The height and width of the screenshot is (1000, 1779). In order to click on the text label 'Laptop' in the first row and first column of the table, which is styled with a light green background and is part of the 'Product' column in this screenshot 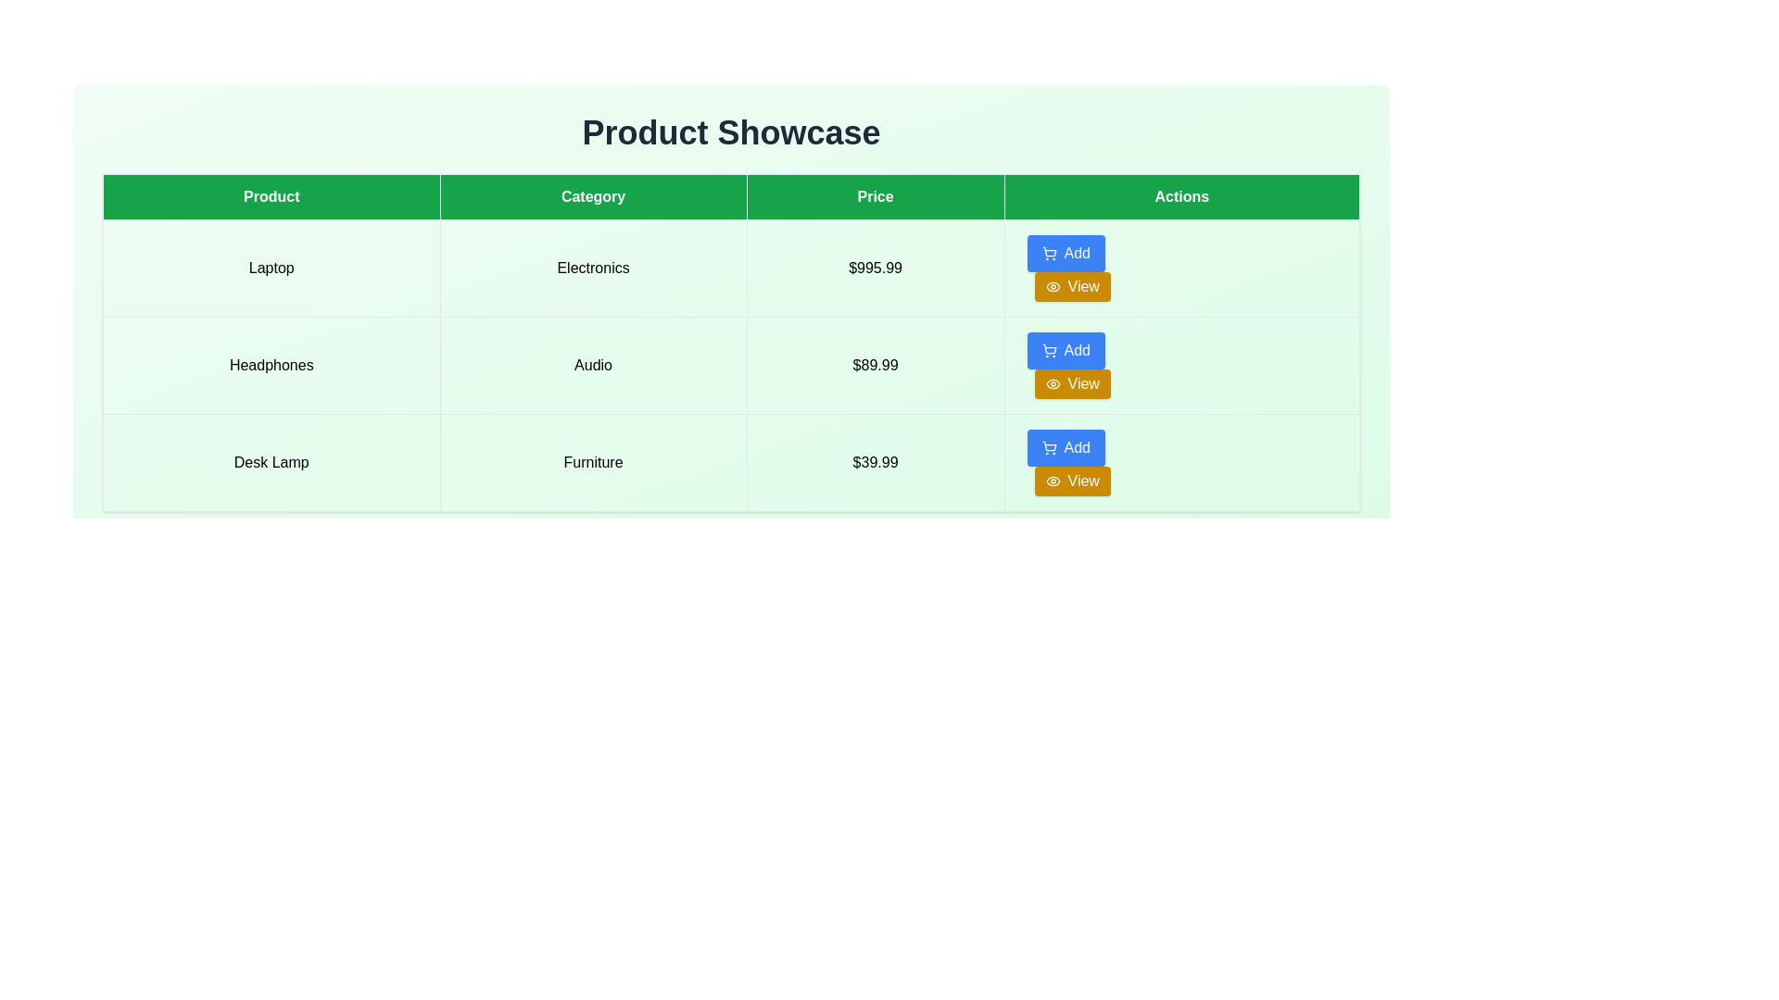, I will do `click(271, 268)`.